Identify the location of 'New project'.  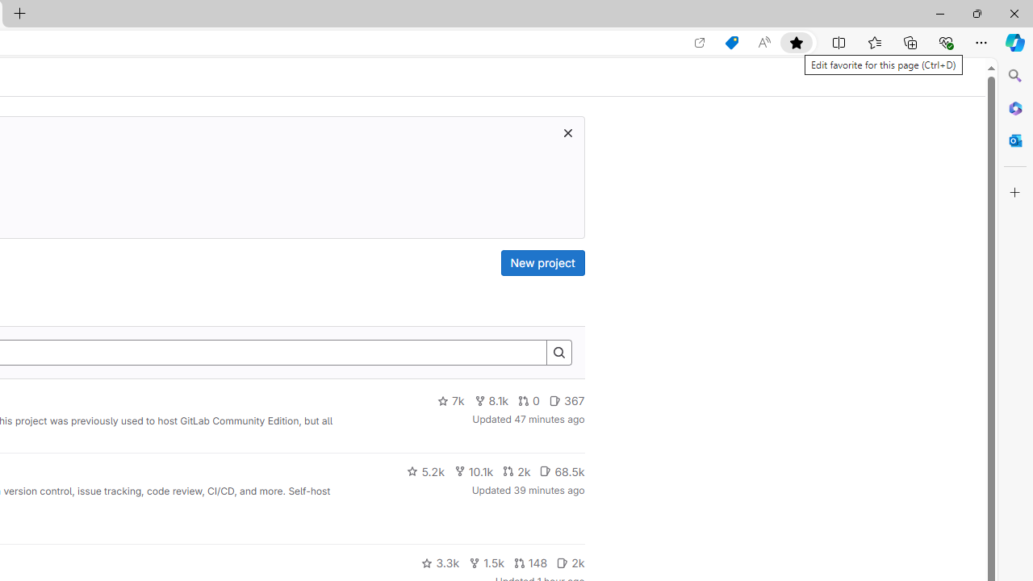
(542, 262).